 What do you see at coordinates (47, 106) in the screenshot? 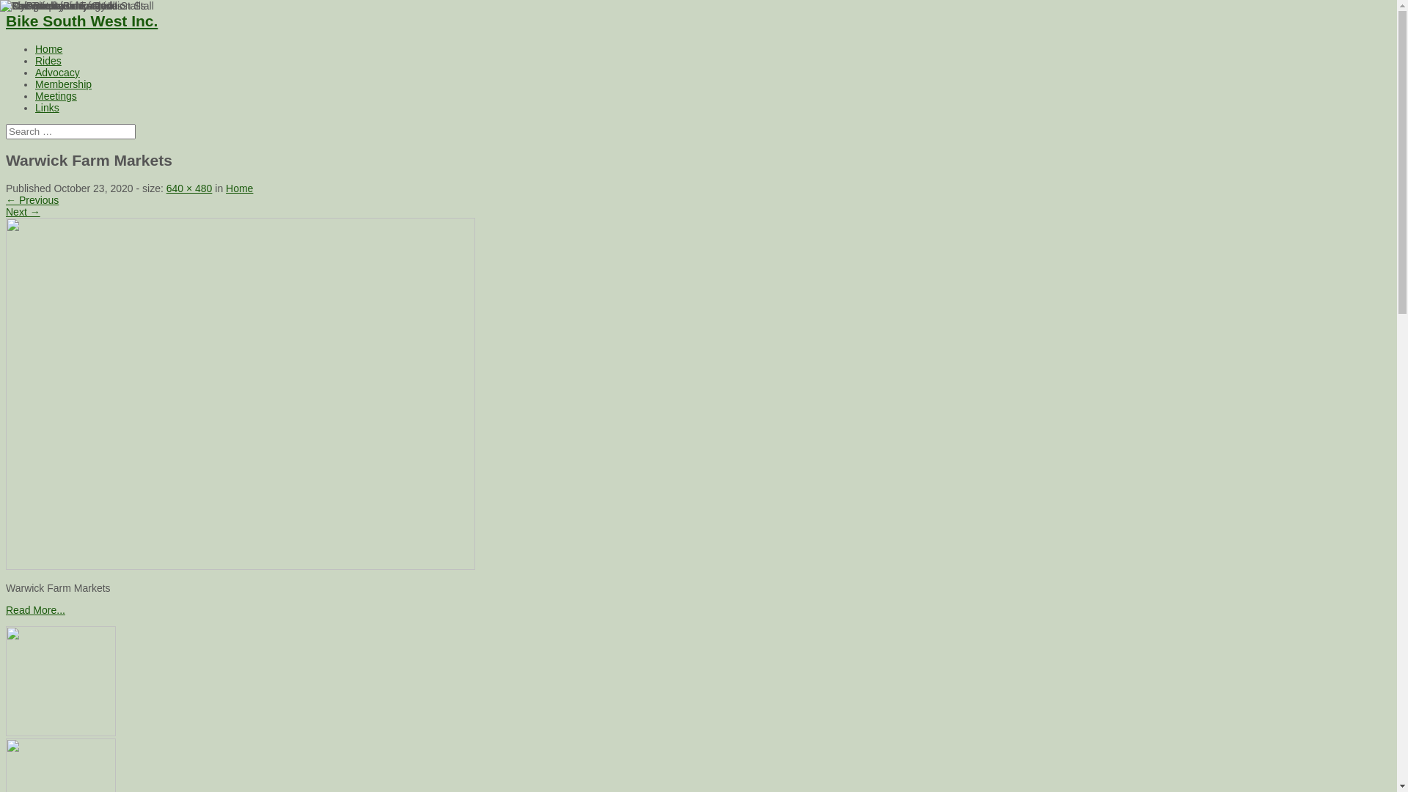
I see `'Links'` at bounding box center [47, 106].